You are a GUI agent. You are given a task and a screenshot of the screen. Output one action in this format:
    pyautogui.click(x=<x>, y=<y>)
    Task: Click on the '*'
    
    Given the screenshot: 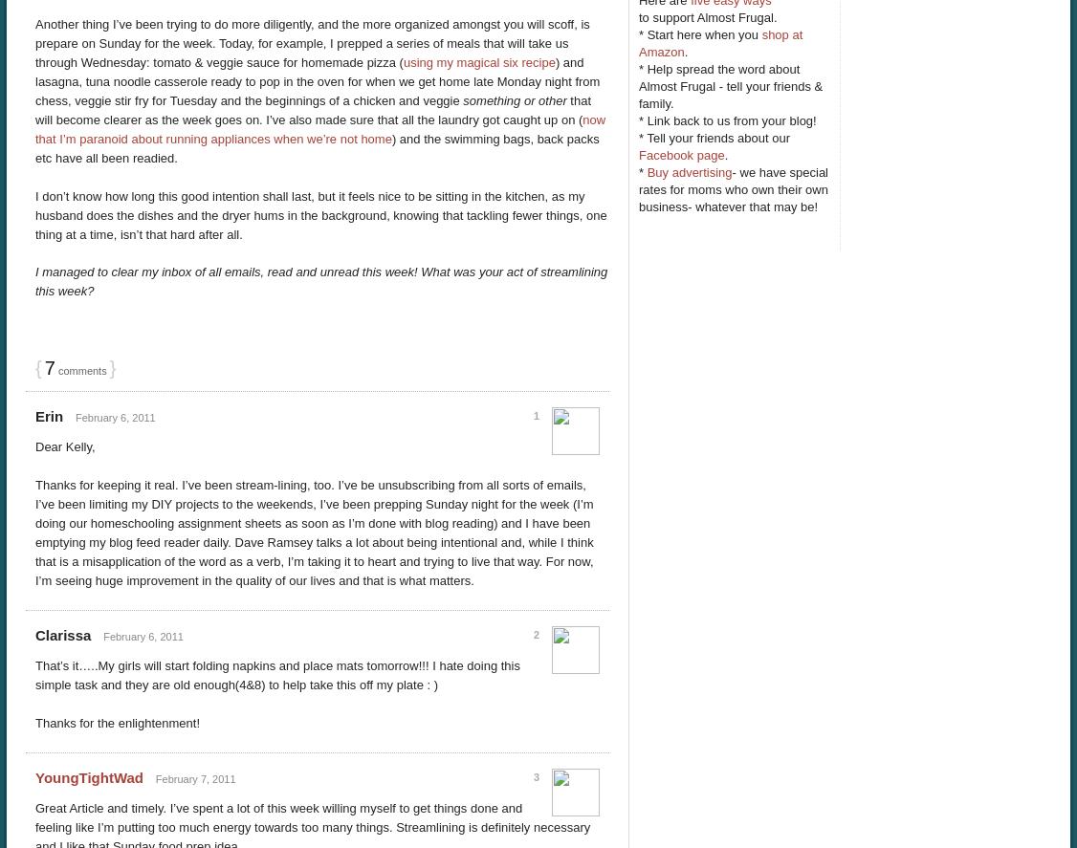 What is the action you would take?
    pyautogui.click(x=642, y=170)
    